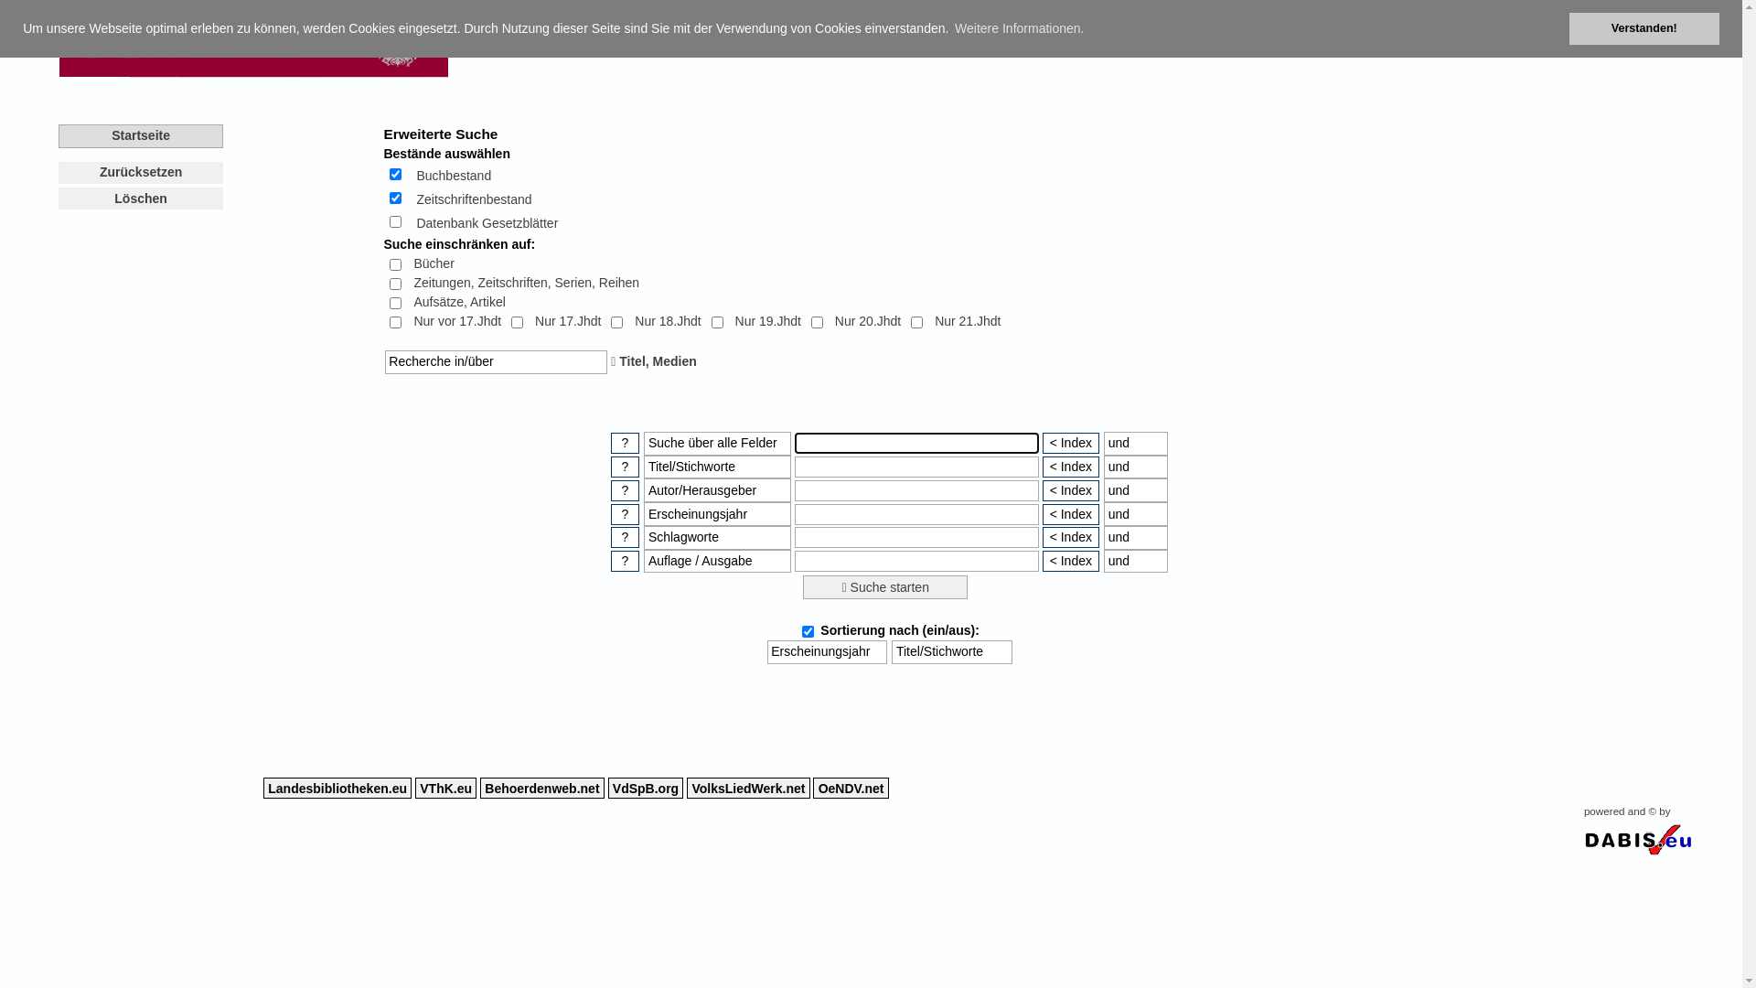 The image size is (1756, 988). Describe the element at coordinates (747, 787) in the screenshot. I see `'VolksLiedWerk.net'` at that location.